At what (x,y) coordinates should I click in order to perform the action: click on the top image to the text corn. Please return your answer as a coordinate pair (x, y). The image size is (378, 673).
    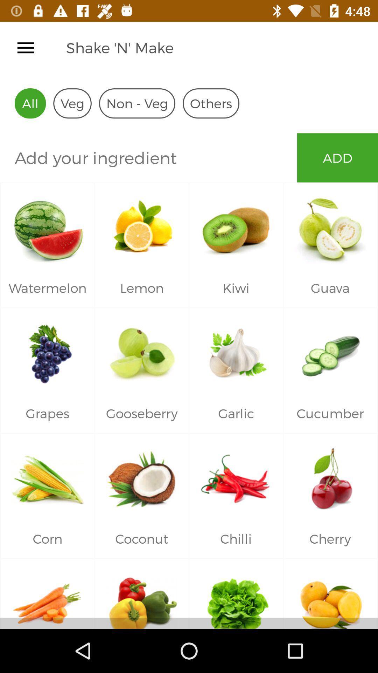
    Looking at the image, I should click on (47, 477).